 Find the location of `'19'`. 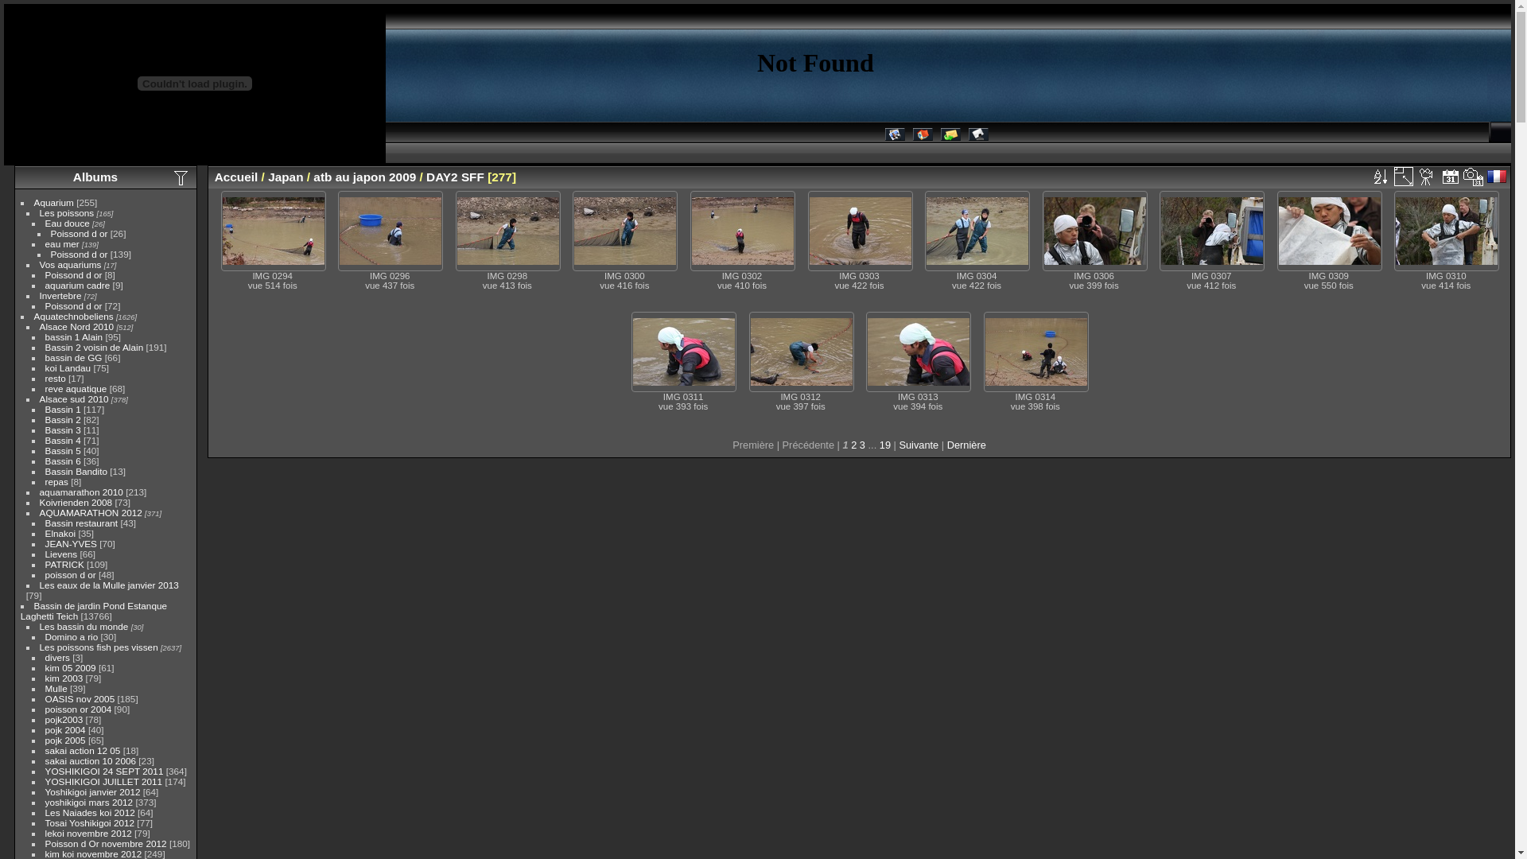

'19' is located at coordinates (884, 445).